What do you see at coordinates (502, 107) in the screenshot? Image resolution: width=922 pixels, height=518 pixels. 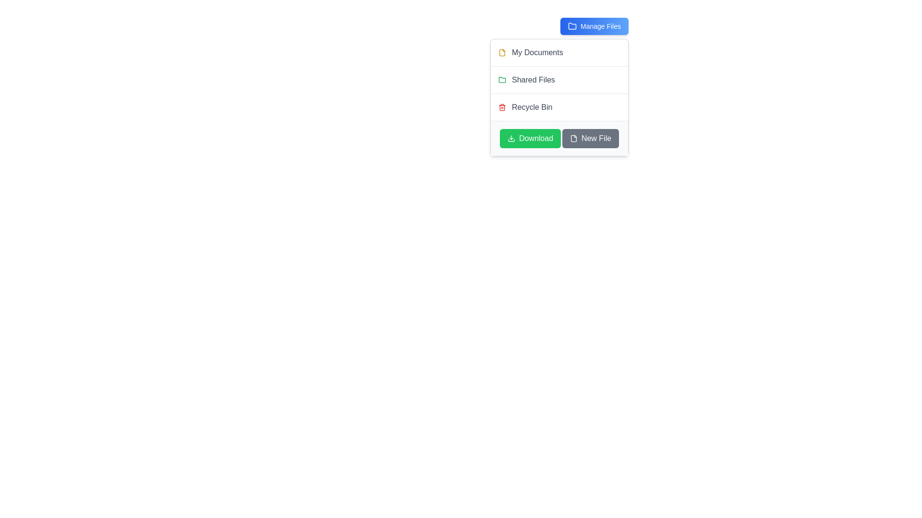 I see `the trash icon associated with the 'Recycle Bin' menu item to interact with it` at bounding box center [502, 107].